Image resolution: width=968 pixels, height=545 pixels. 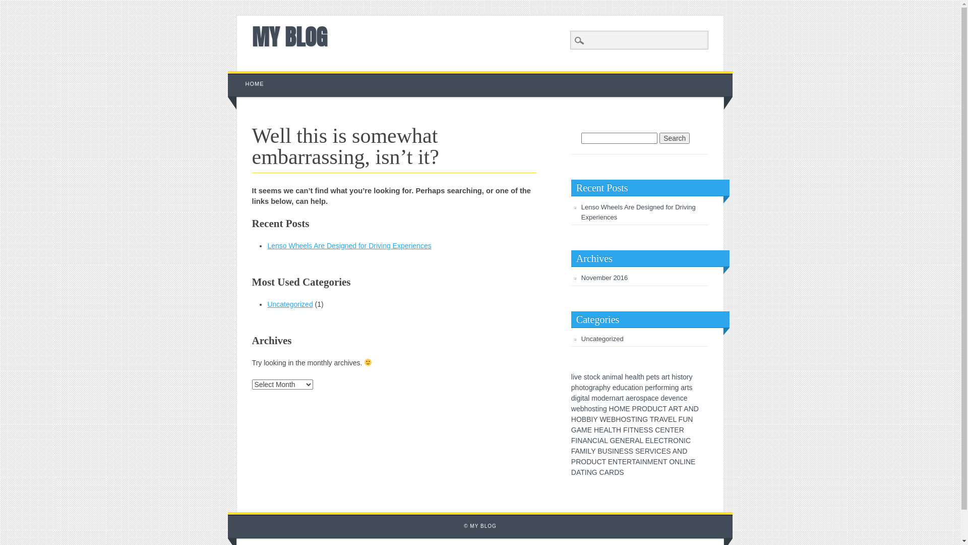 What do you see at coordinates (0, 6) in the screenshot?
I see `'Search'` at bounding box center [0, 6].